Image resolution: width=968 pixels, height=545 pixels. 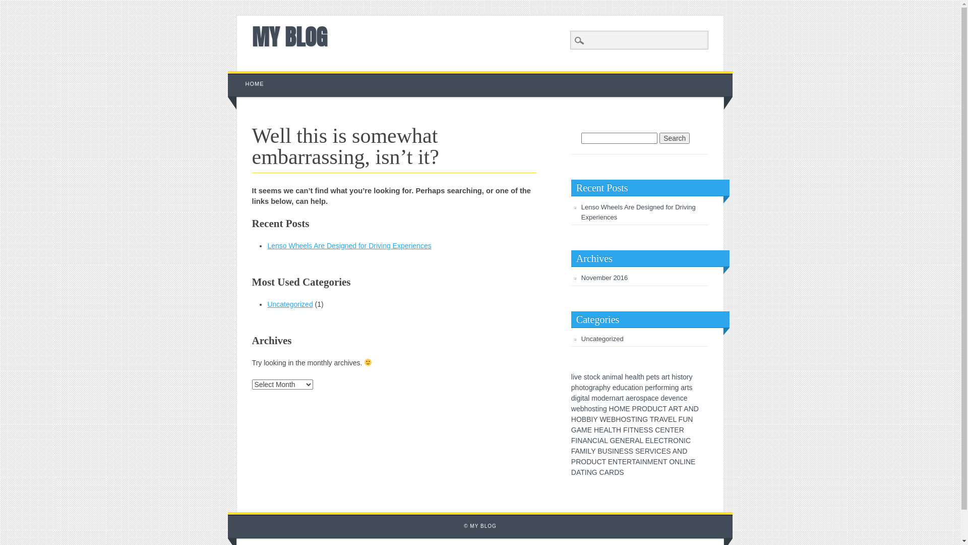 What do you see at coordinates (0, 6) in the screenshot?
I see `'Search'` at bounding box center [0, 6].